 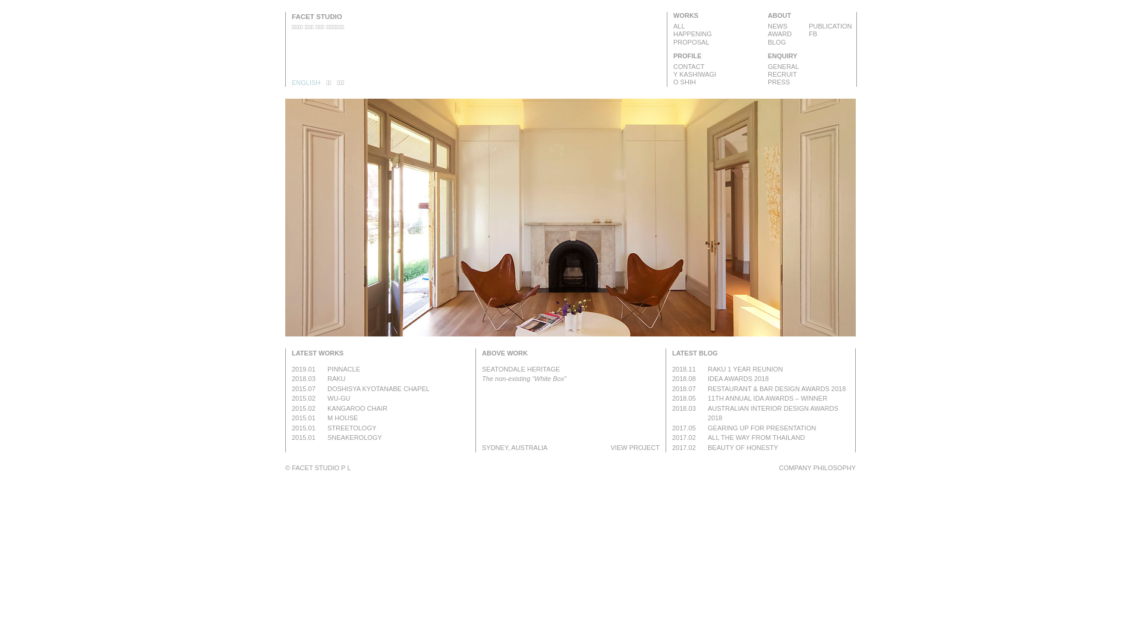 I want to click on 'FB', so click(x=830, y=33).